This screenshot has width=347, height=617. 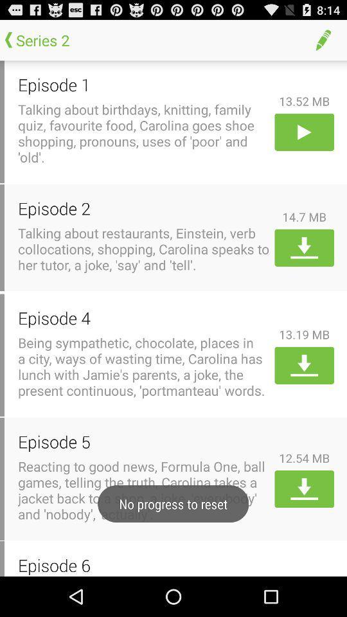 What do you see at coordinates (303, 488) in the screenshot?
I see `download the episode` at bounding box center [303, 488].